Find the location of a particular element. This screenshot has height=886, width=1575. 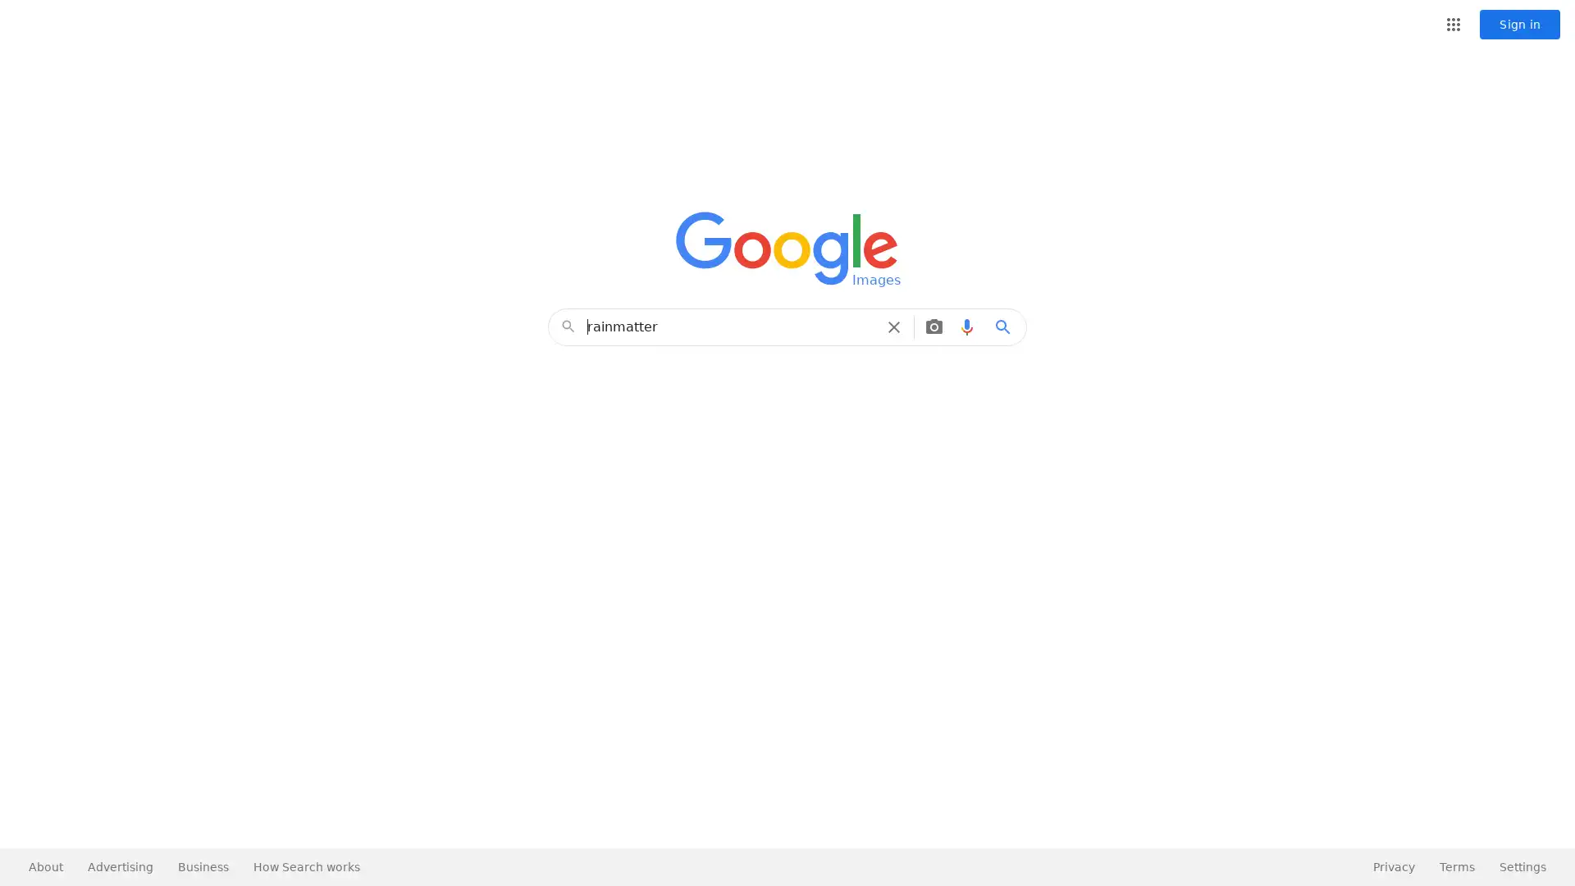

Google apps is located at coordinates (1453, 25).